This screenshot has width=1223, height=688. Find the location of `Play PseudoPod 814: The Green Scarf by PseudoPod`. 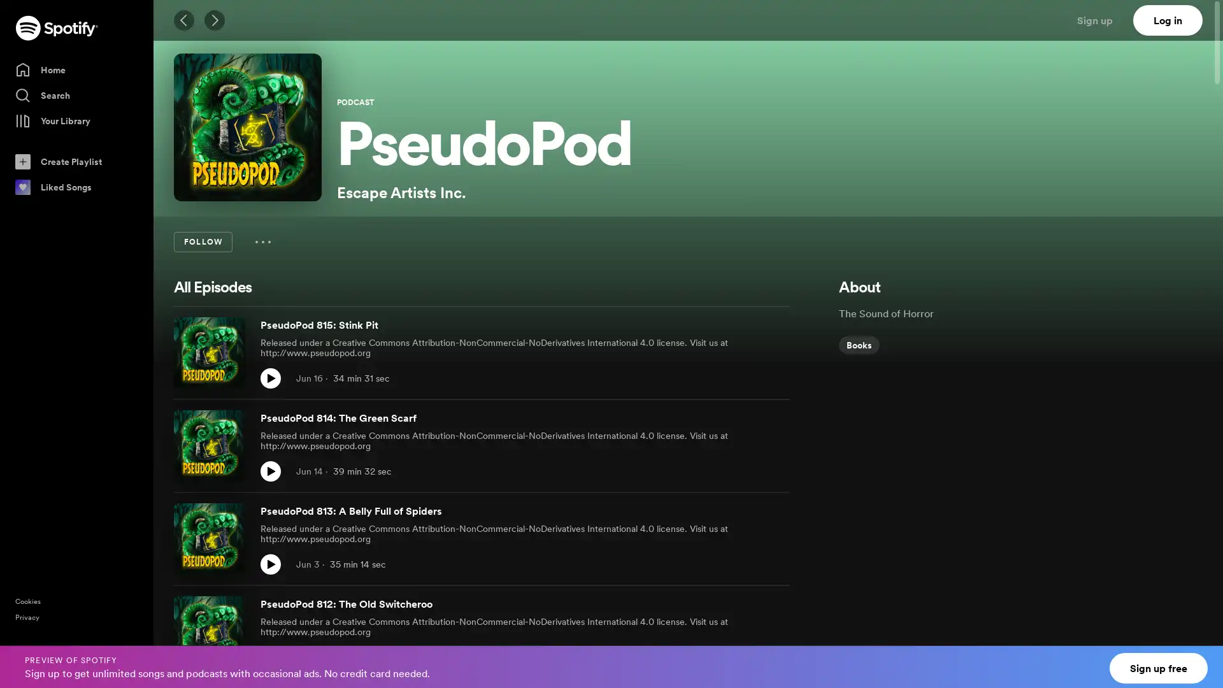

Play PseudoPod 814: The Green Scarf by PseudoPod is located at coordinates (270, 471).